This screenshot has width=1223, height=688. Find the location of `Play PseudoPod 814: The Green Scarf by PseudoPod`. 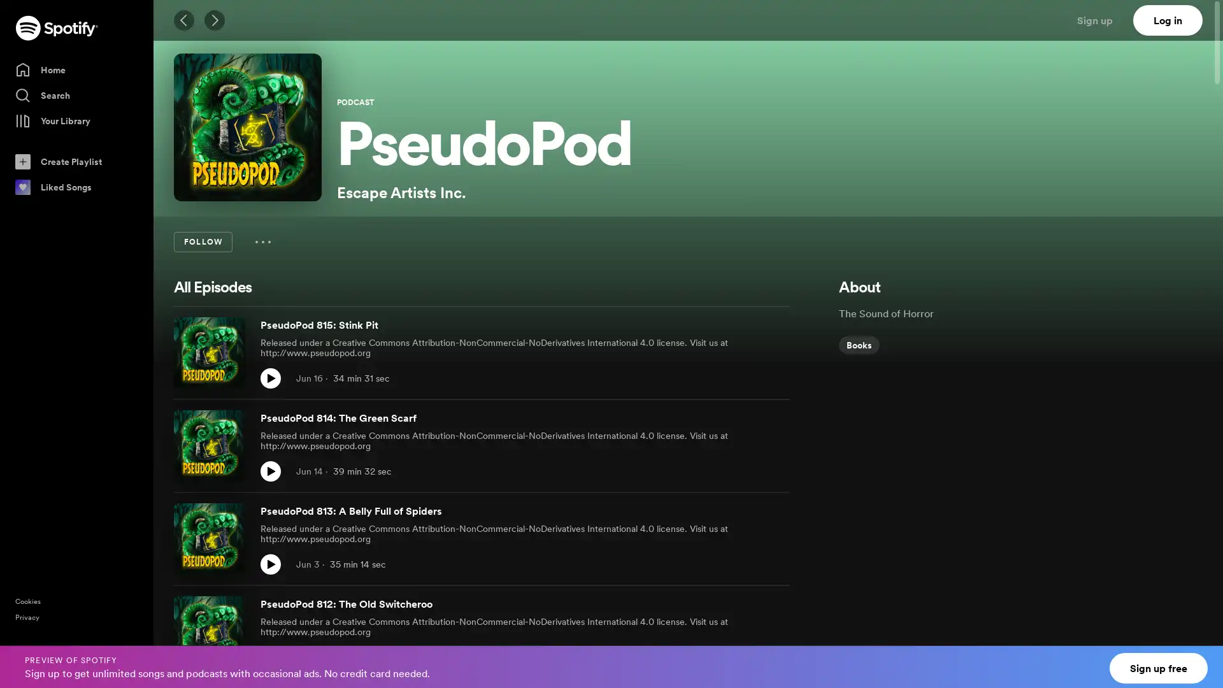

Play PseudoPod 814: The Green Scarf by PseudoPod is located at coordinates (270, 471).